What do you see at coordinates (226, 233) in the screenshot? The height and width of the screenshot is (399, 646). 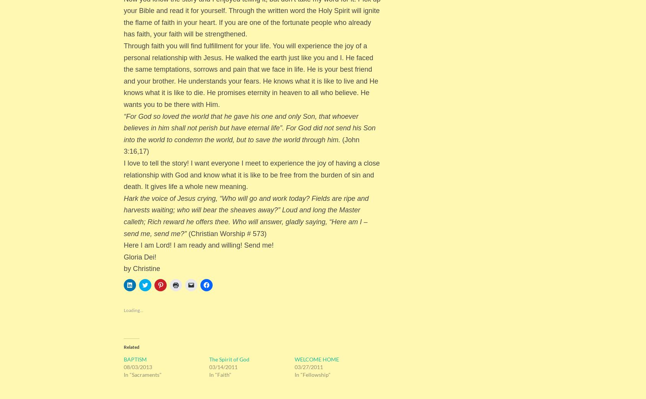 I see `'(Christian Worship # 573)'` at bounding box center [226, 233].